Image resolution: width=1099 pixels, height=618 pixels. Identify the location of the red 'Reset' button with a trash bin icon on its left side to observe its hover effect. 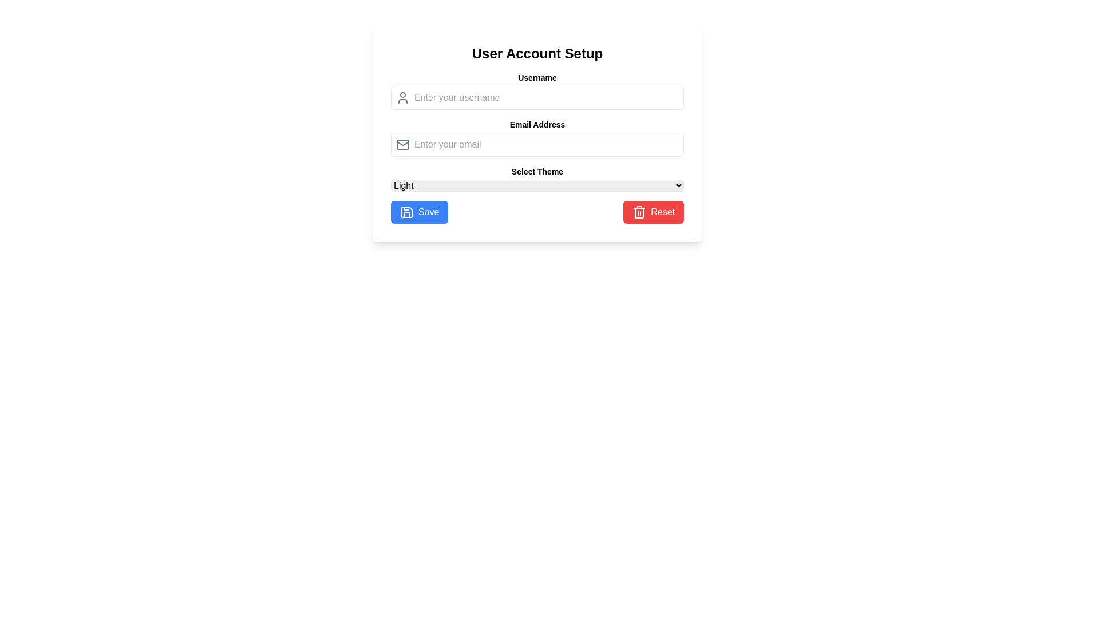
(654, 212).